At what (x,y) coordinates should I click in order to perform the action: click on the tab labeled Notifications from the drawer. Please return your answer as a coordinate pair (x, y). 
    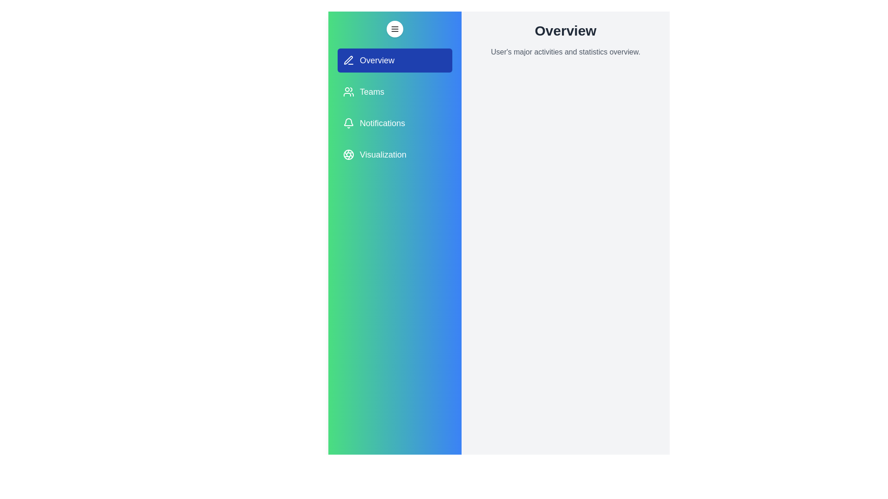
    Looking at the image, I should click on (395, 122).